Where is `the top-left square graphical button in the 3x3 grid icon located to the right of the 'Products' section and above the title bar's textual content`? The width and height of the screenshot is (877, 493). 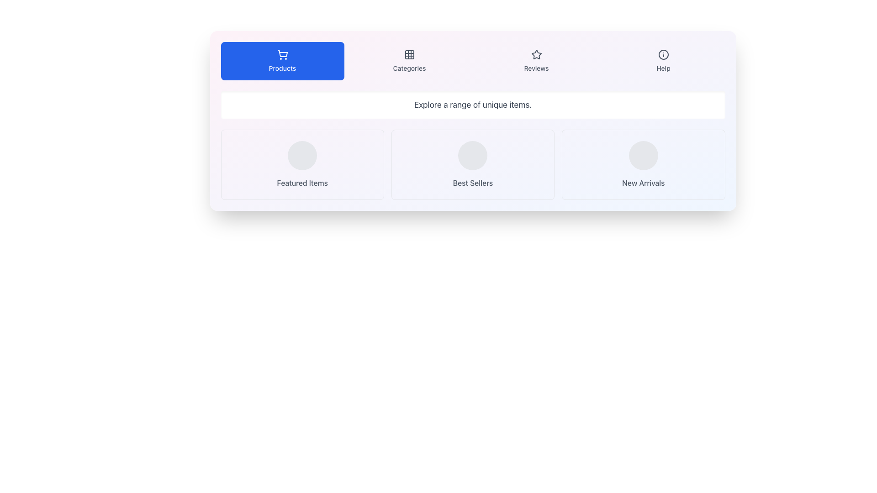 the top-left square graphical button in the 3x3 grid icon located to the right of the 'Products' section and above the title bar's textual content is located at coordinates (409, 54).